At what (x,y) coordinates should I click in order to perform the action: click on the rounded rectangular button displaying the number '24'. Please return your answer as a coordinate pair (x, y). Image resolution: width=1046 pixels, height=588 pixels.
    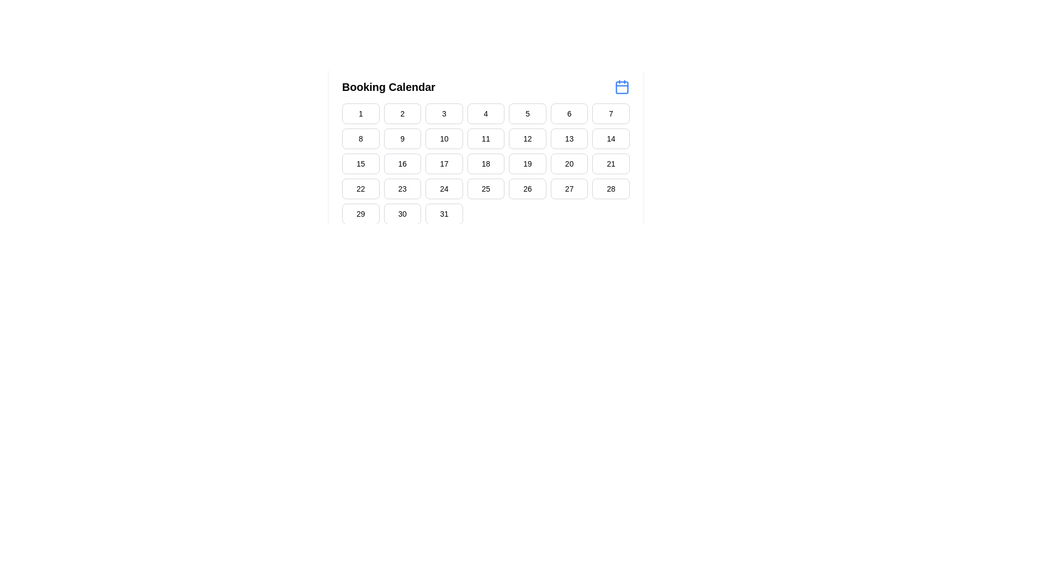
    Looking at the image, I should click on (444, 188).